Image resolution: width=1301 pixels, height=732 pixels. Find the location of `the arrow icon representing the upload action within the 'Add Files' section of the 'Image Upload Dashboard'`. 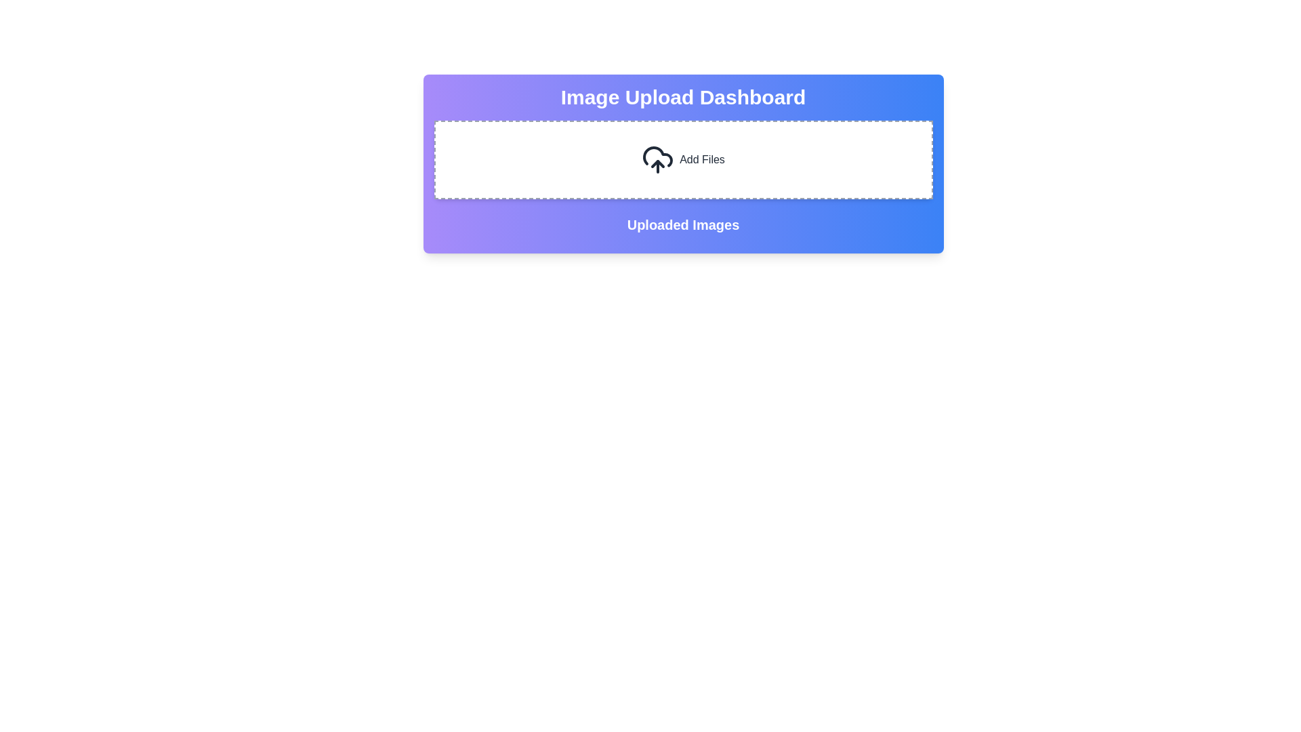

the arrow icon representing the upload action within the 'Add Files' section of the 'Image Upload Dashboard' is located at coordinates (658, 163).